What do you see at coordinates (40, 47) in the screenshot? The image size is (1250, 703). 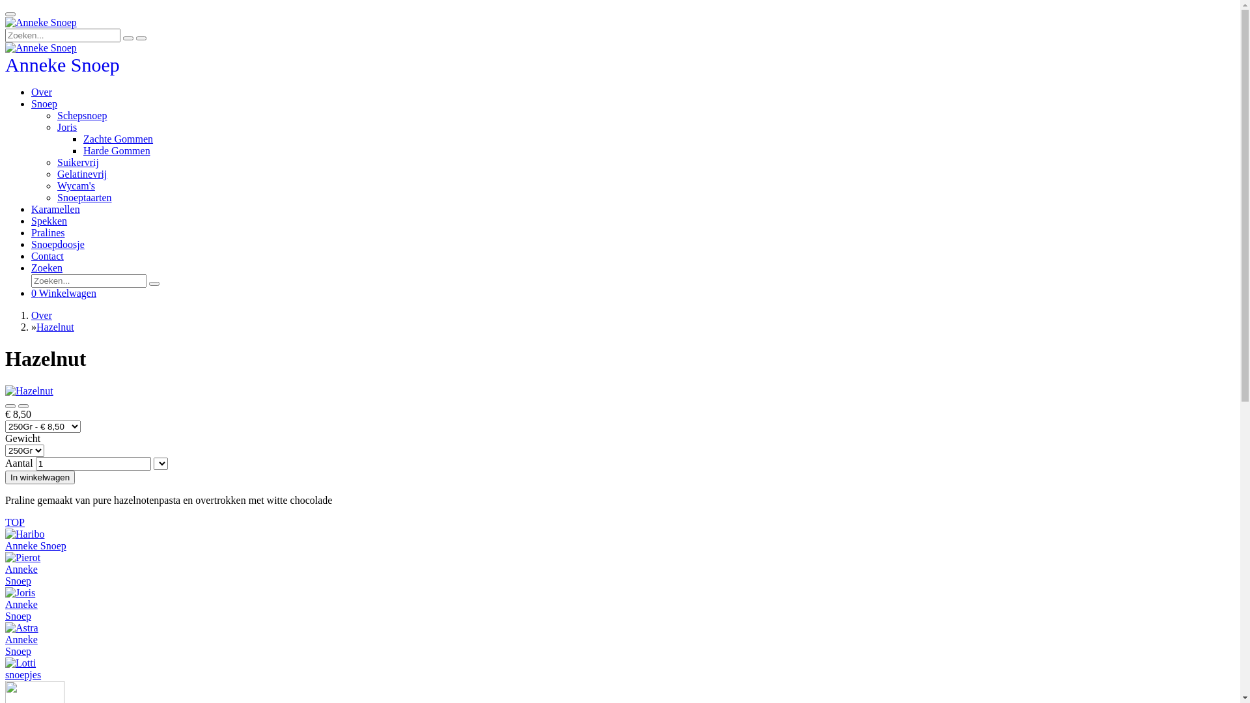 I see `'Anneke Snoep'` at bounding box center [40, 47].